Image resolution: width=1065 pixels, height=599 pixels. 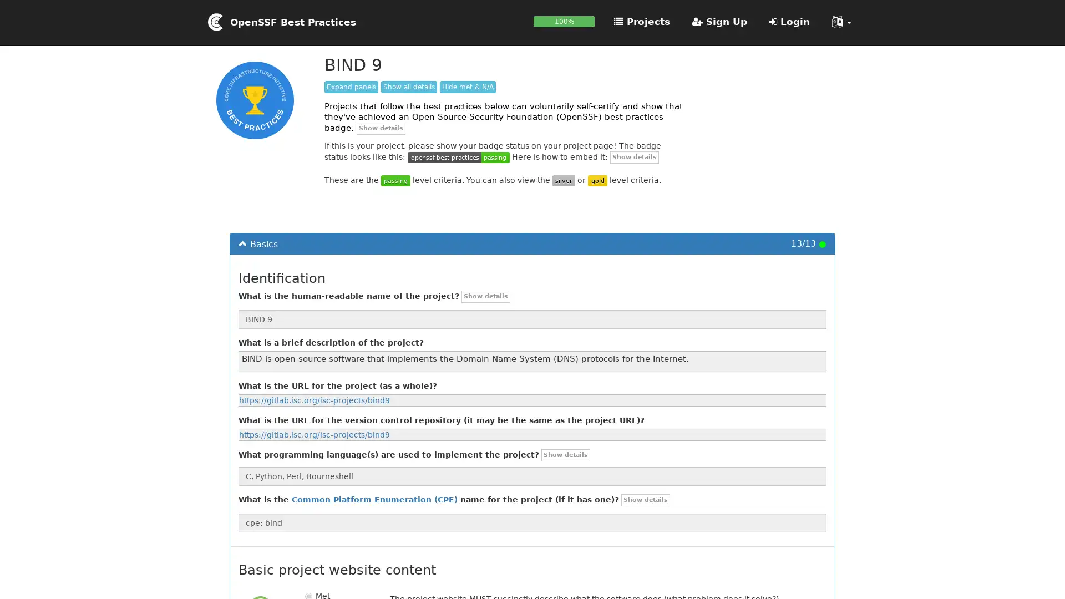 I want to click on Show details, so click(x=634, y=156).